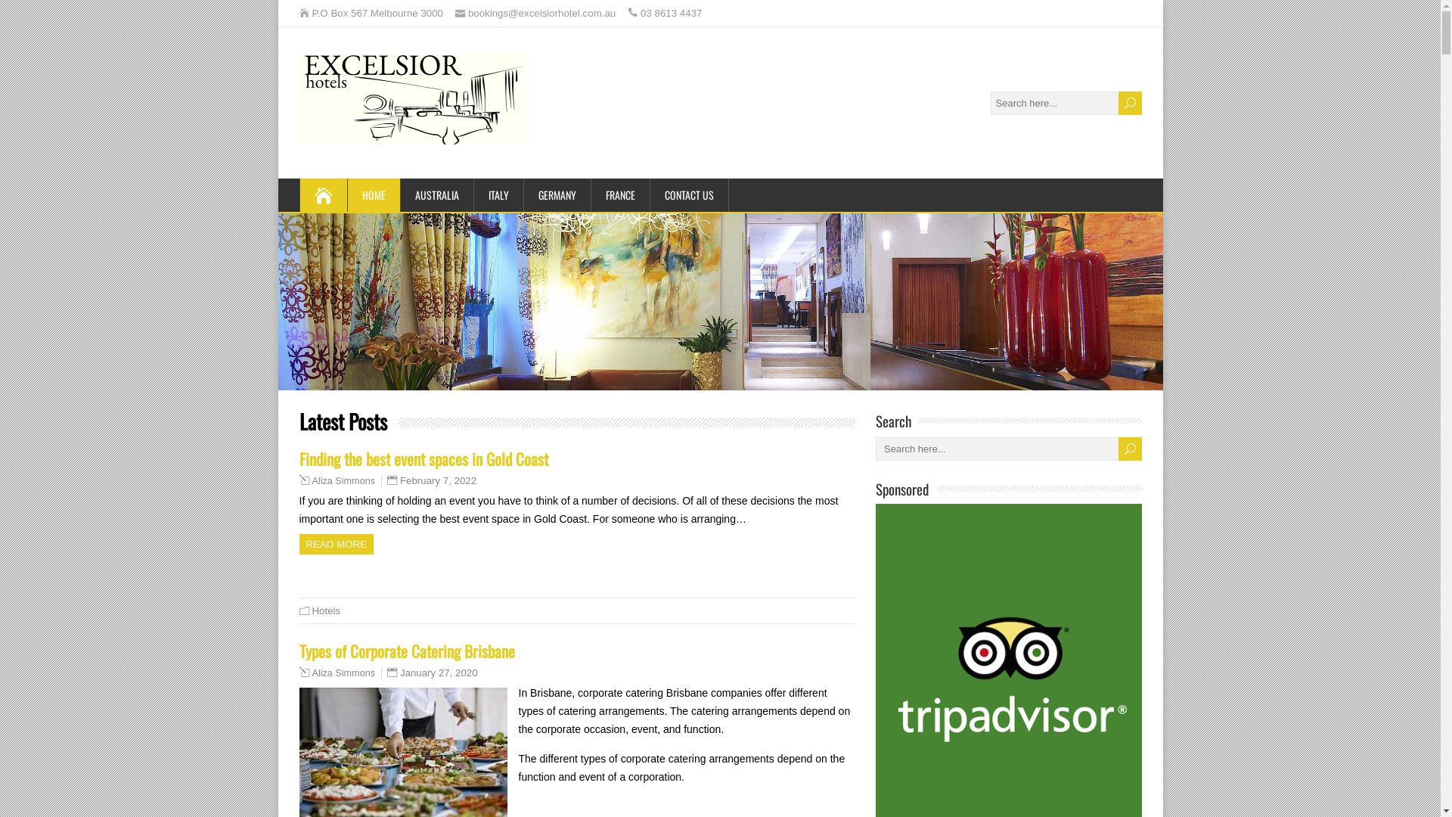  I want to click on 'READ MORE', so click(336, 543).